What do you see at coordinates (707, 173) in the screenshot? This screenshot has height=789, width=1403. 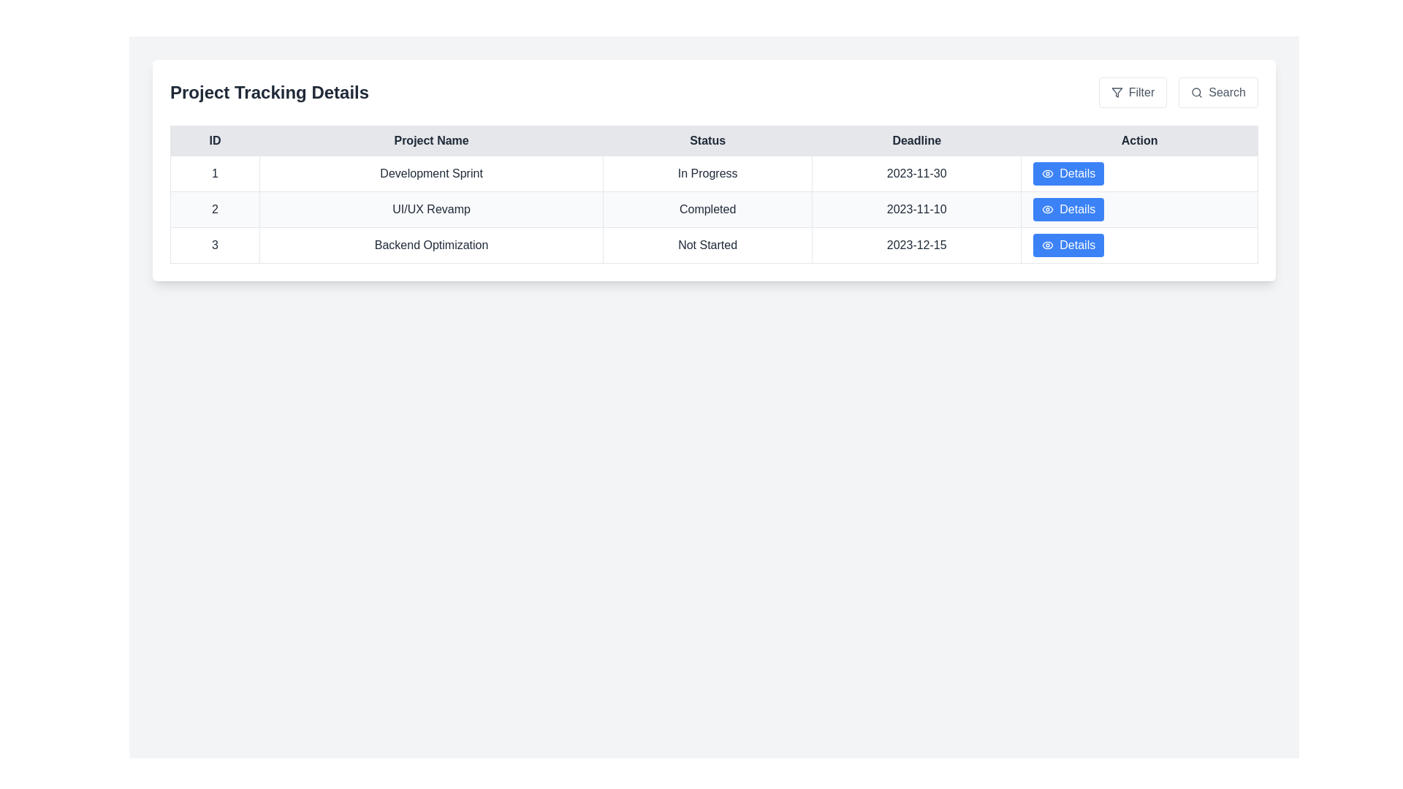 I see `the text-based label 'In Progress' within the 'Status' column of the 'Development Sprint' row in the project details table` at bounding box center [707, 173].